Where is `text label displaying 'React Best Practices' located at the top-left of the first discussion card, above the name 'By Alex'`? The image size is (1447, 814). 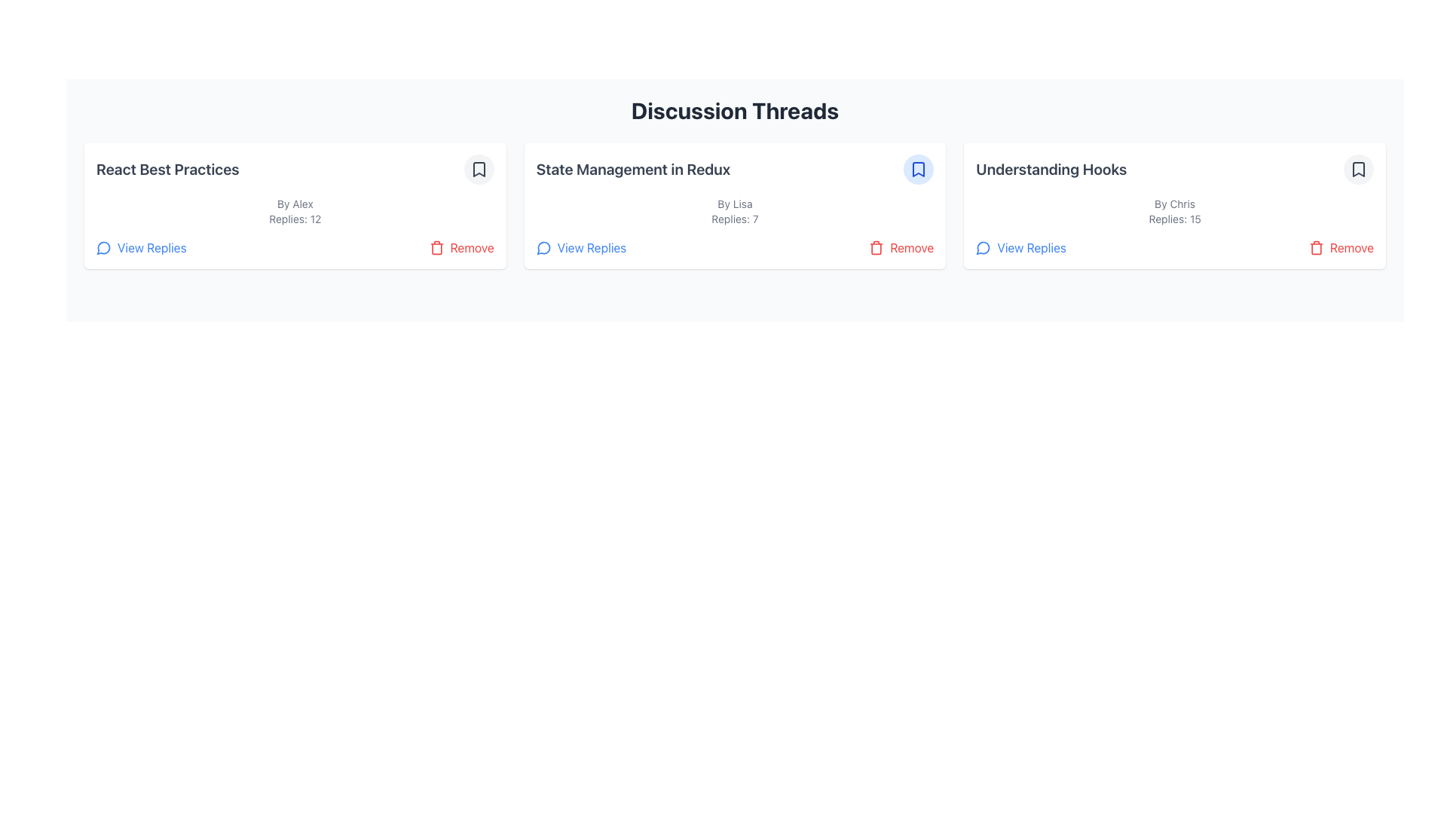 text label displaying 'React Best Practices' located at the top-left of the first discussion card, above the name 'By Alex' is located at coordinates (167, 169).